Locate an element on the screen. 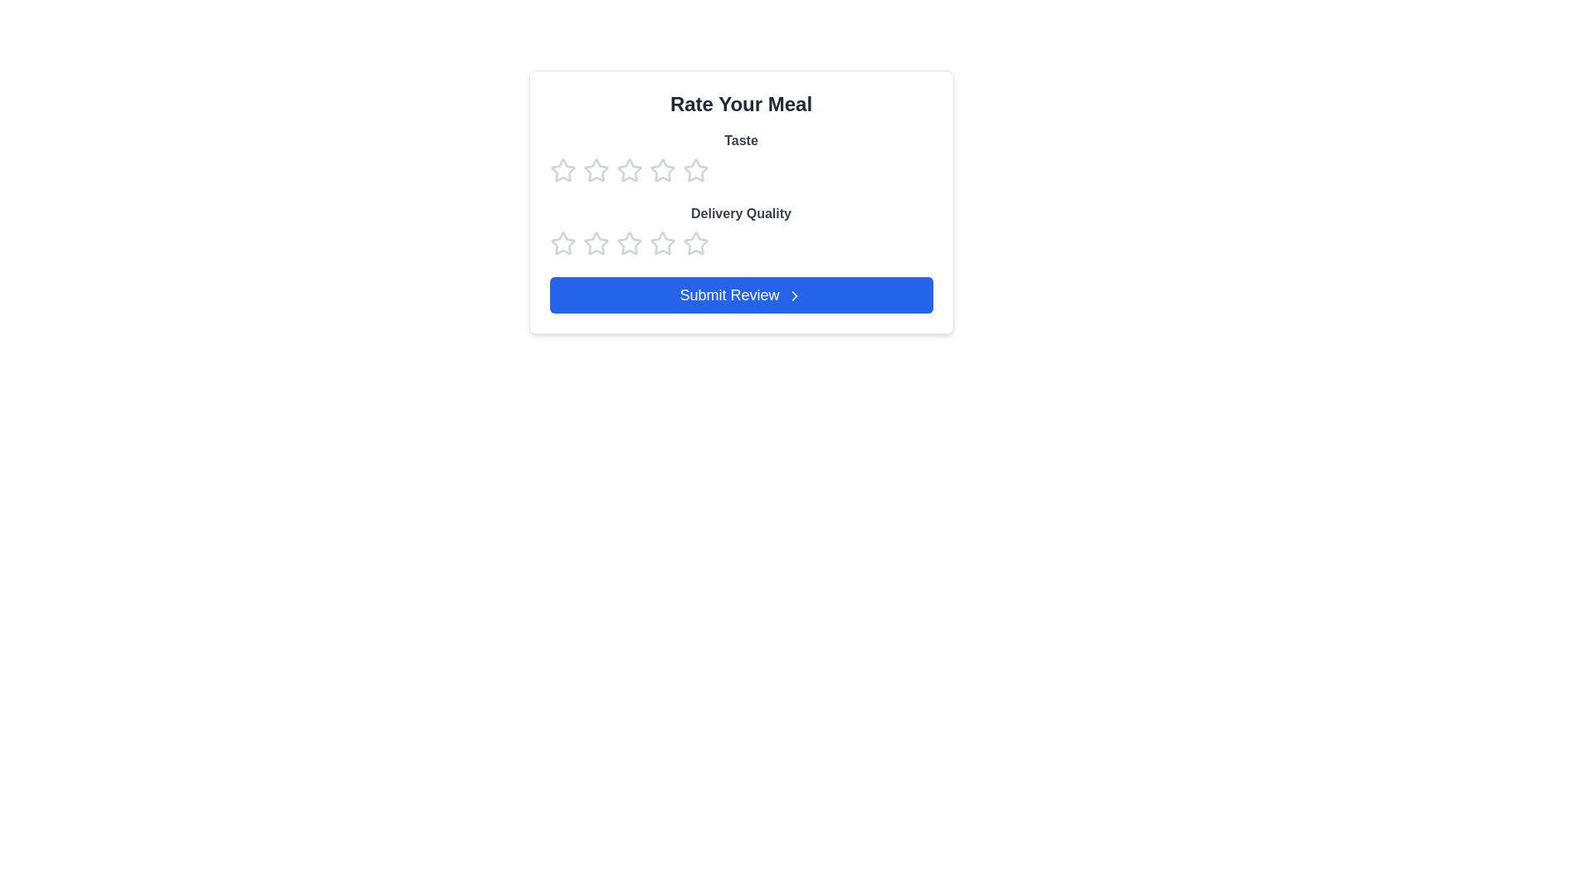 The image size is (1593, 896). the fourth star-shaped Rating icon, which is hollow with a gray outline, to confirm selection is located at coordinates (661, 170).